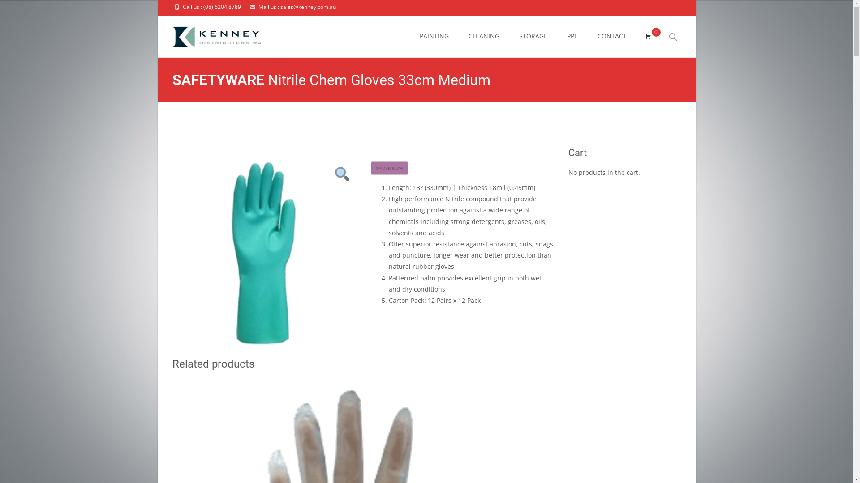  What do you see at coordinates (518, 36) in the screenshot?
I see `'STORAGE'` at bounding box center [518, 36].